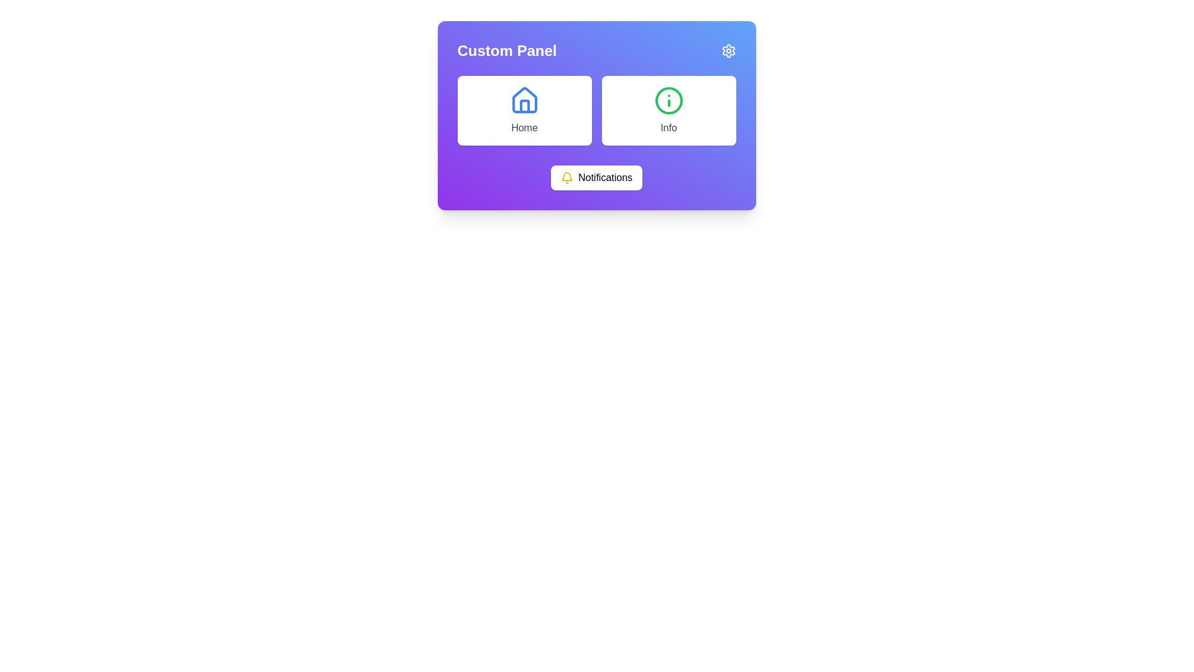 Image resolution: width=1194 pixels, height=672 pixels. I want to click on the Notifications button, which has a white background, rounded corners, a yellow bell icon on the left, and black text on the right, to trigger the hover effect, so click(596, 177).